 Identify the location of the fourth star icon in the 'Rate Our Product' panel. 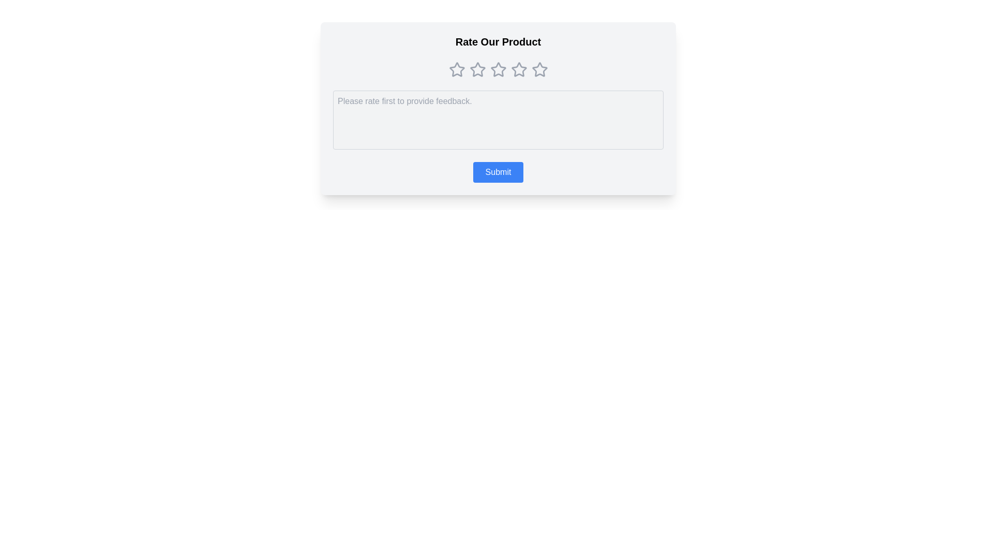
(498, 70).